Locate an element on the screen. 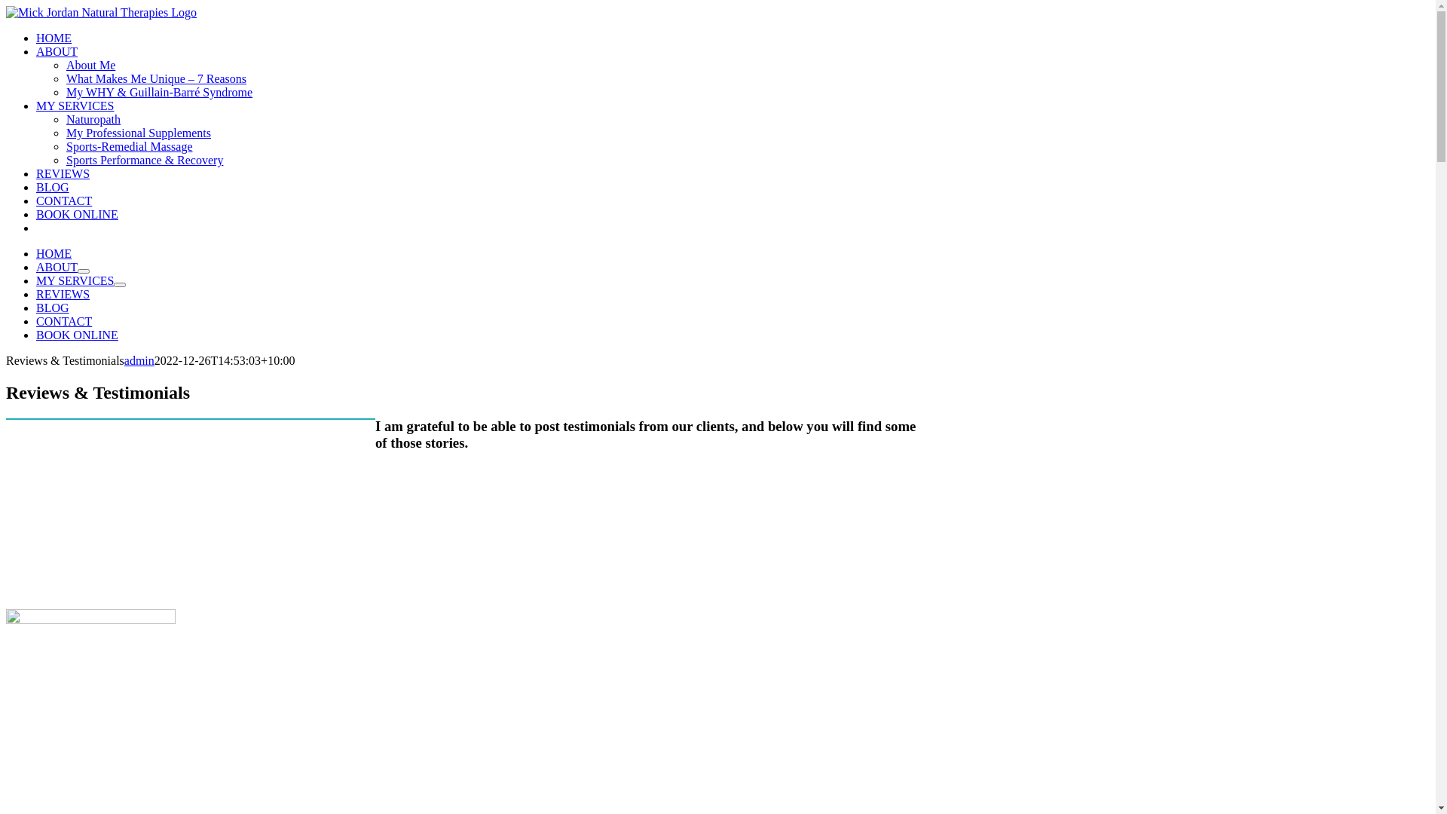 The image size is (1447, 814). 'About Me' is located at coordinates (90, 64).